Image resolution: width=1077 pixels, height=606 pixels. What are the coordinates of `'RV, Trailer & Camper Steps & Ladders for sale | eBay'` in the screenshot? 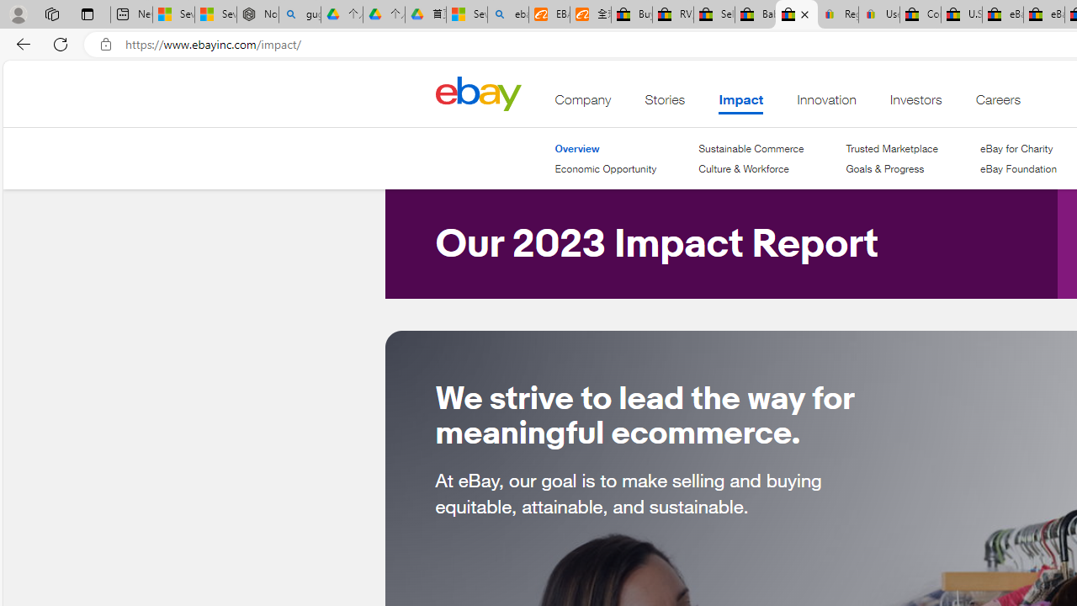 It's located at (673, 14).